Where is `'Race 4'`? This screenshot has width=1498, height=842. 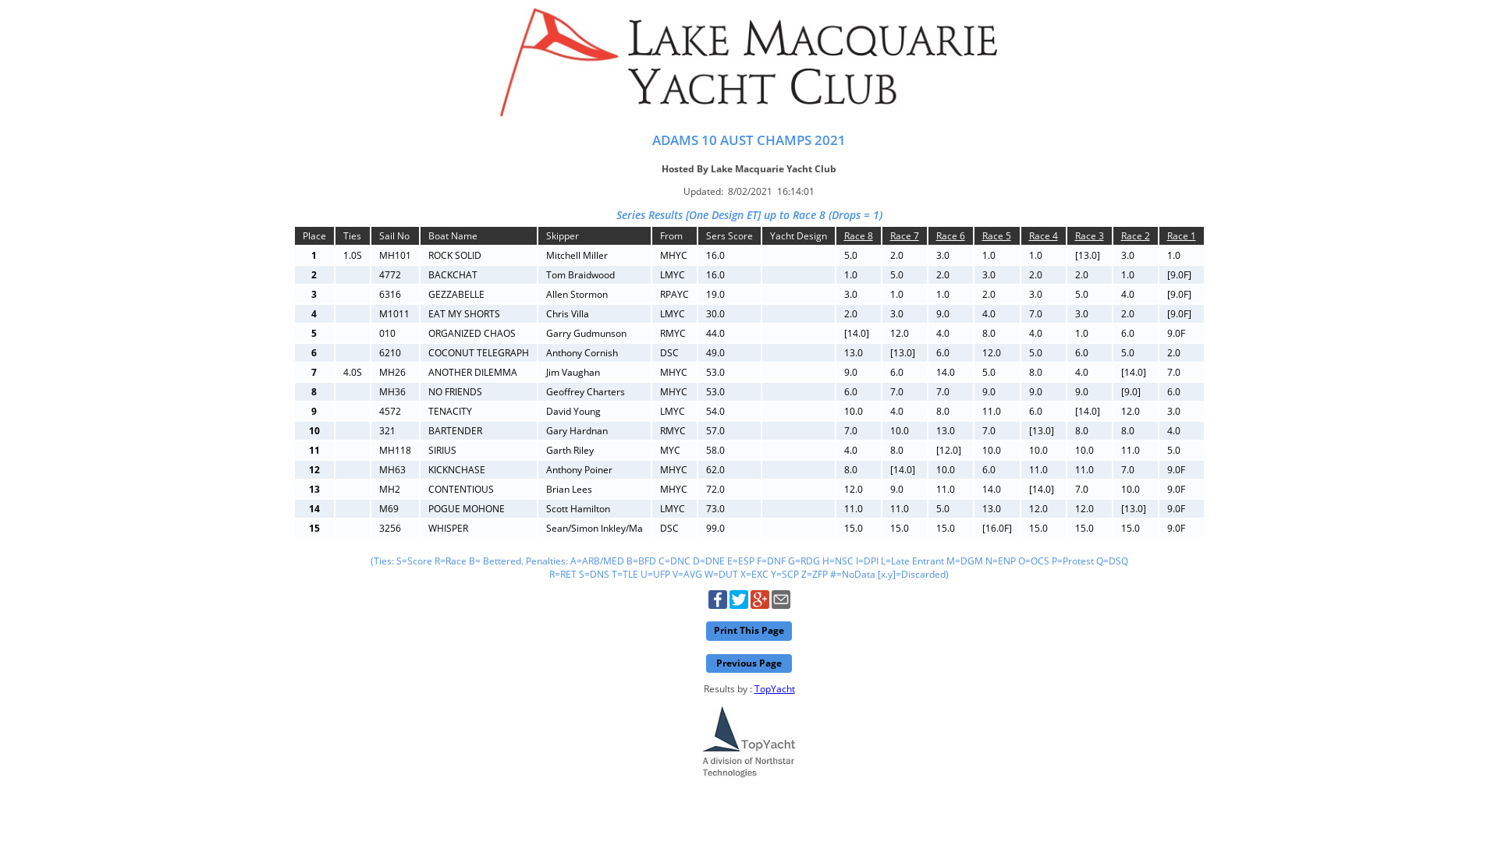
'Race 4' is located at coordinates (1028, 235).